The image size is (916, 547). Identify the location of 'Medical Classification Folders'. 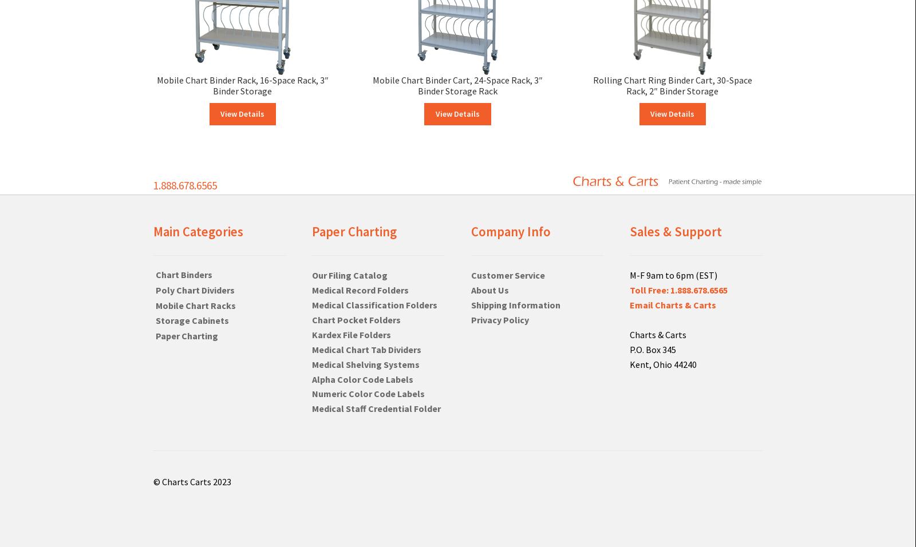
(311, 304).